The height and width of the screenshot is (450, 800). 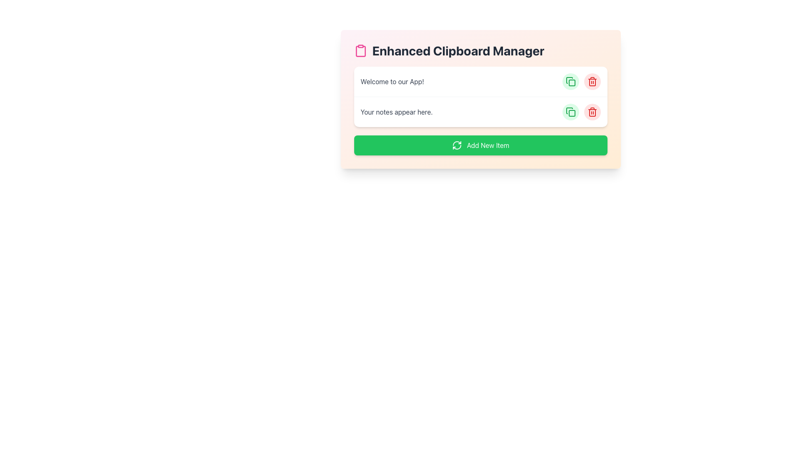 What do you see at coordinates (592, 82) in the screenshot?
I see `the trash can icon button located on the right side of the top entry within the list` at bounding box center [592, 82].